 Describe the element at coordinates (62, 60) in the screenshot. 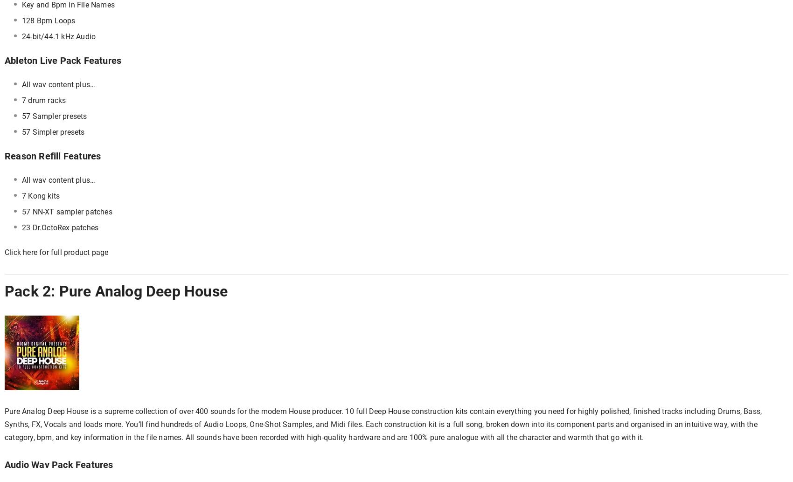

I see `'Ableton Live Pack Features'` at that location.